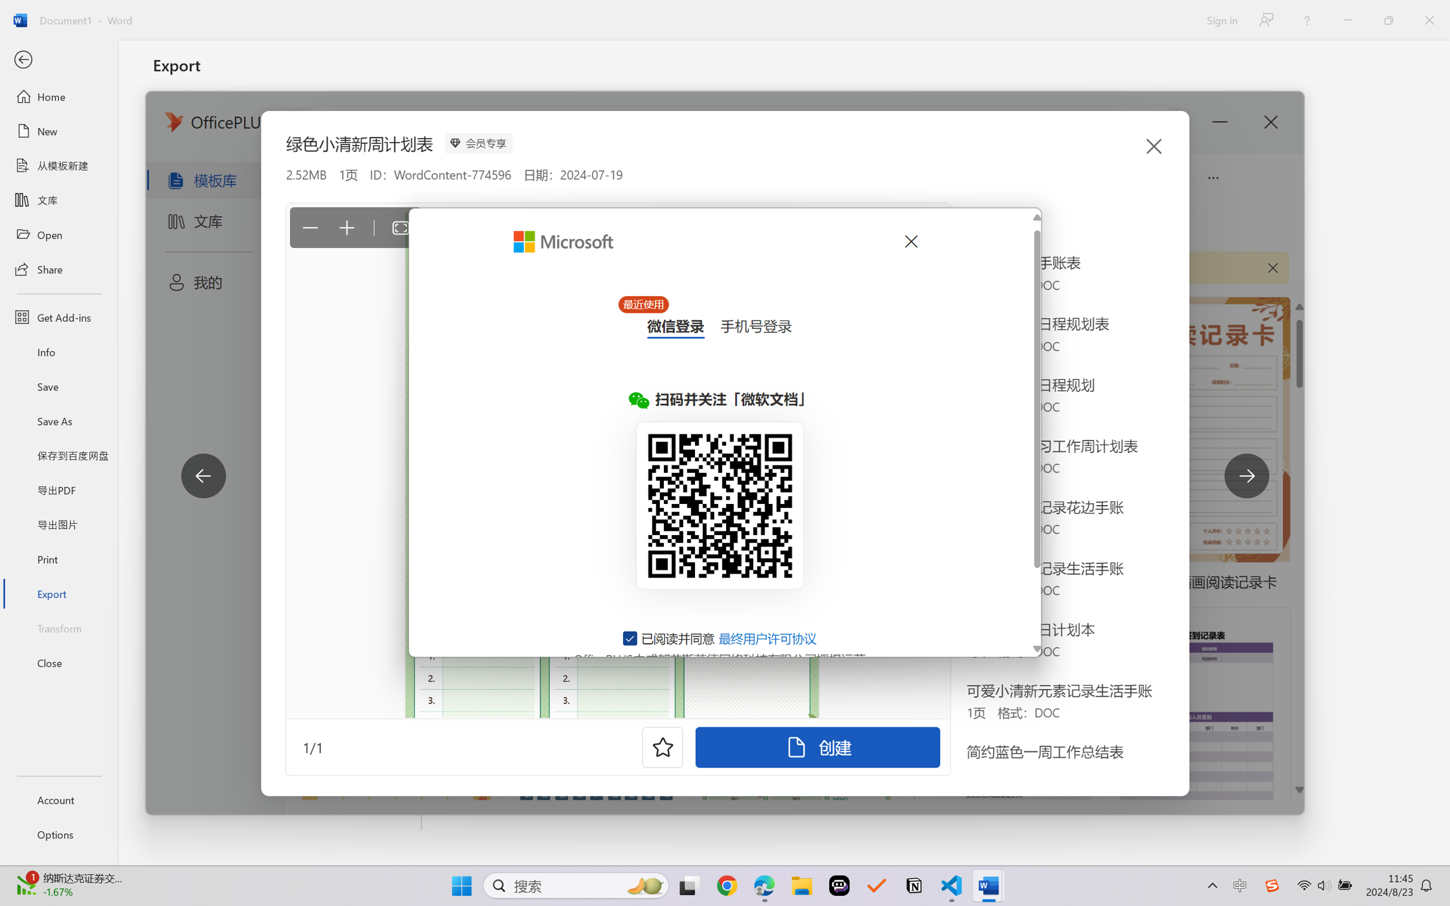  I want to click on 'Account', so click(58, 799).